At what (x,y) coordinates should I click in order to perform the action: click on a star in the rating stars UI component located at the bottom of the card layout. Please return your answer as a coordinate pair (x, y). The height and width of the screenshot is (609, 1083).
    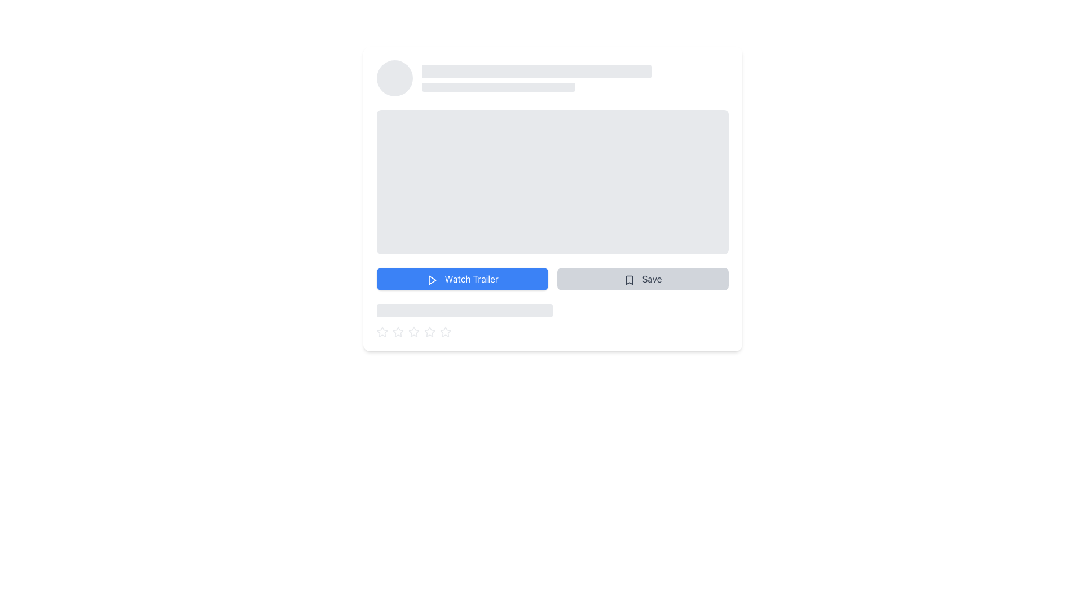
    Looking at the image, I should click on (552, 332).